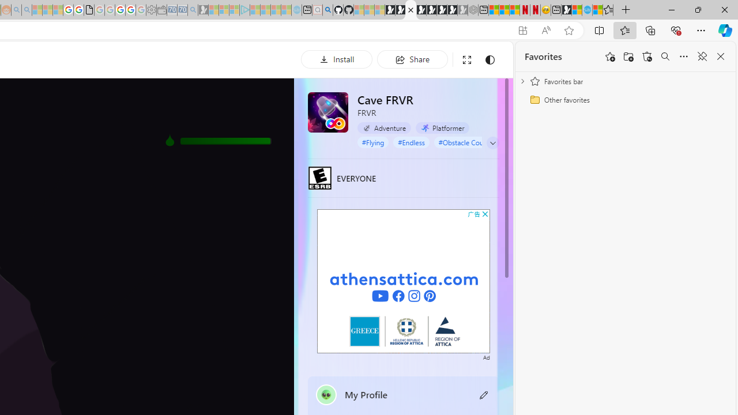 Image resolution: width=738 pixels, height=415 pixels. Describe the element at coordinates (150, 10) in the screenshot. I see `'Settings - Sleeping'` at that location.